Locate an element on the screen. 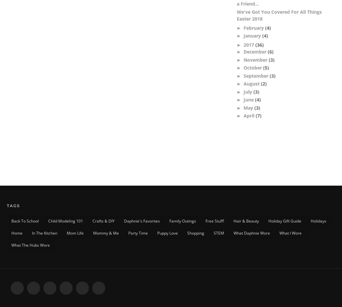 This screenshot has width=342, height=307. 'January' is located at coordinates (253, 36).